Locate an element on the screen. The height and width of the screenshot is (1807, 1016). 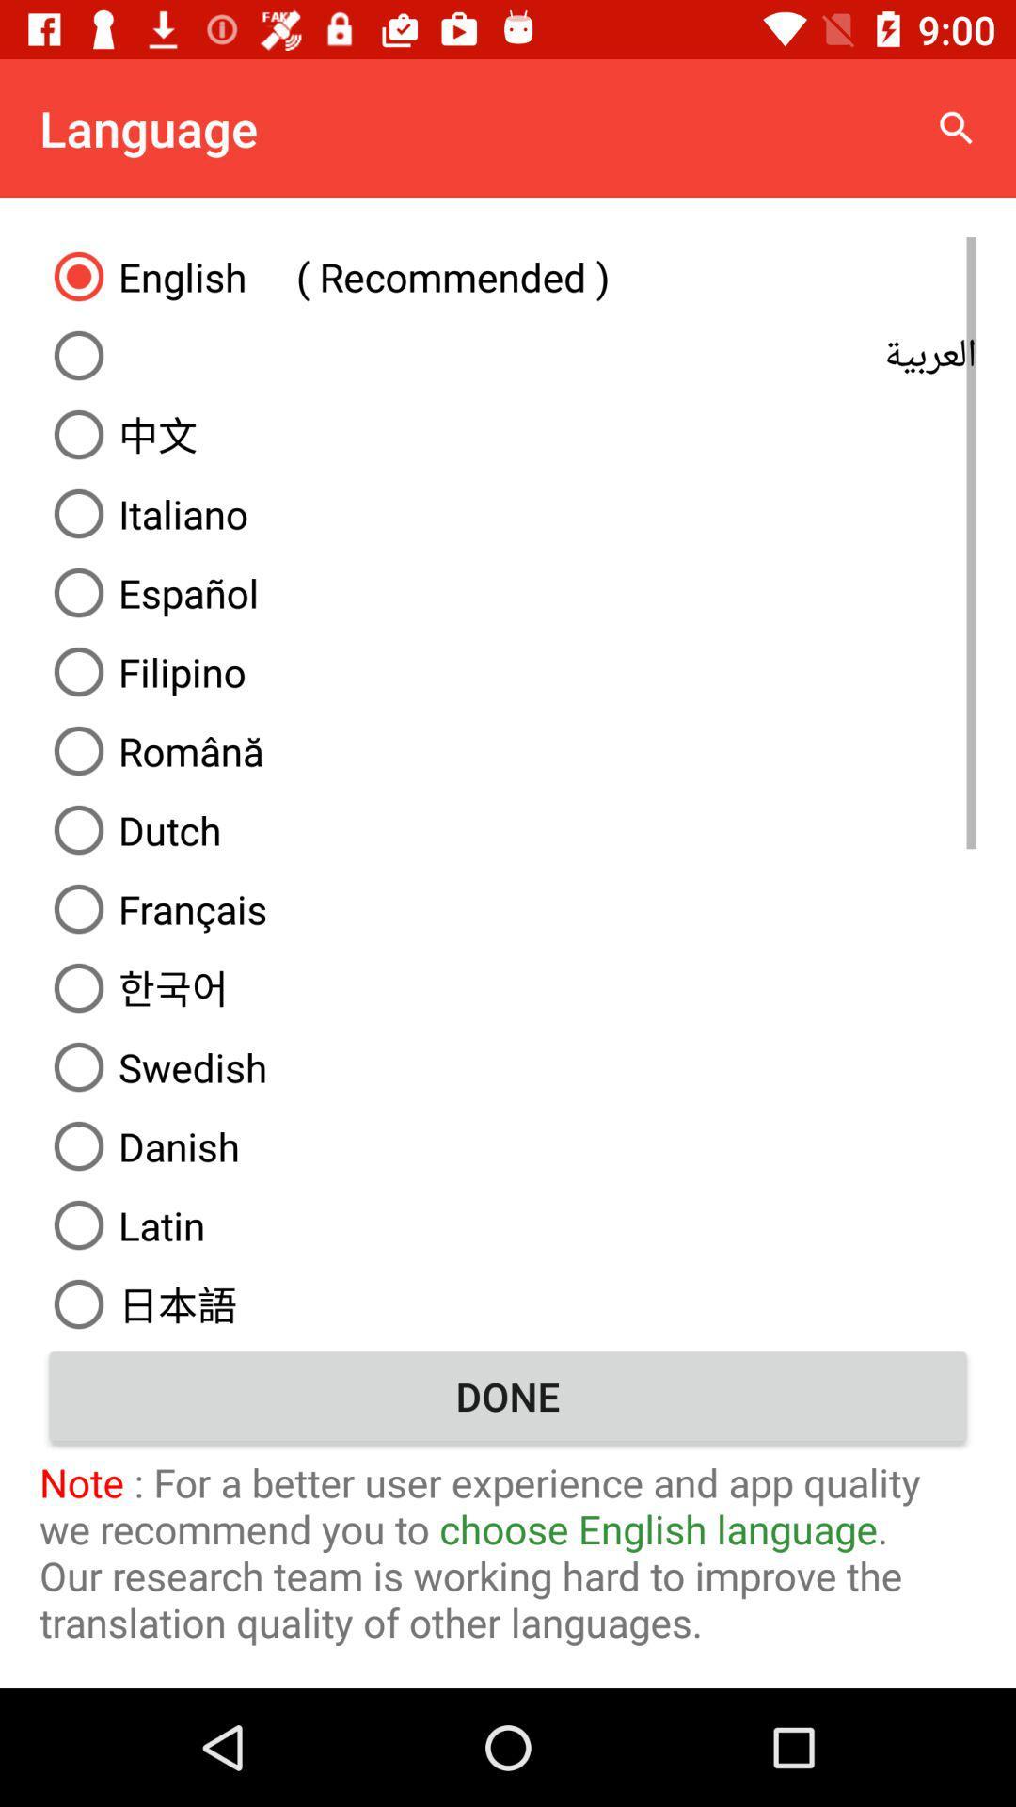
the item above the note for a icon is located at coordinates (508, 1396).